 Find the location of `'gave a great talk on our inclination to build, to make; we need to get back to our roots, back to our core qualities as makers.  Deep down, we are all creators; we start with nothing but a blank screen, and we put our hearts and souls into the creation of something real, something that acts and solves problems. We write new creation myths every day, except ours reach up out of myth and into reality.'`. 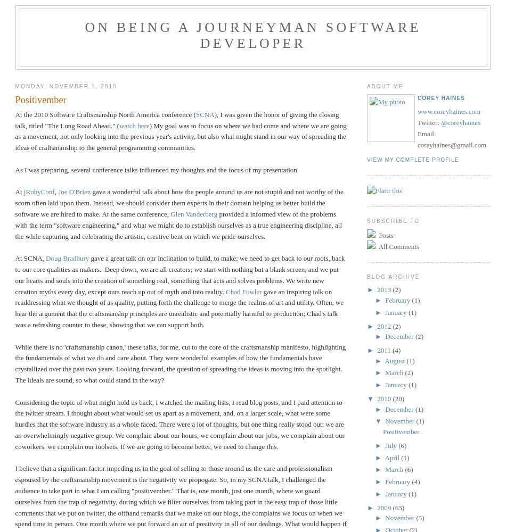

'gave a great talk on our inclination to build, to make; we need to get back to our roots, back to our core qualities as makers.  Deep down, we are all creators; we start with nothing but a blank screen, and we put our hearts and souls into the creation of something real, something that acts and solves problems. We write new creation myths every day, except ours reach up out of myth and into reality.' is located at coordinates (179, 275).